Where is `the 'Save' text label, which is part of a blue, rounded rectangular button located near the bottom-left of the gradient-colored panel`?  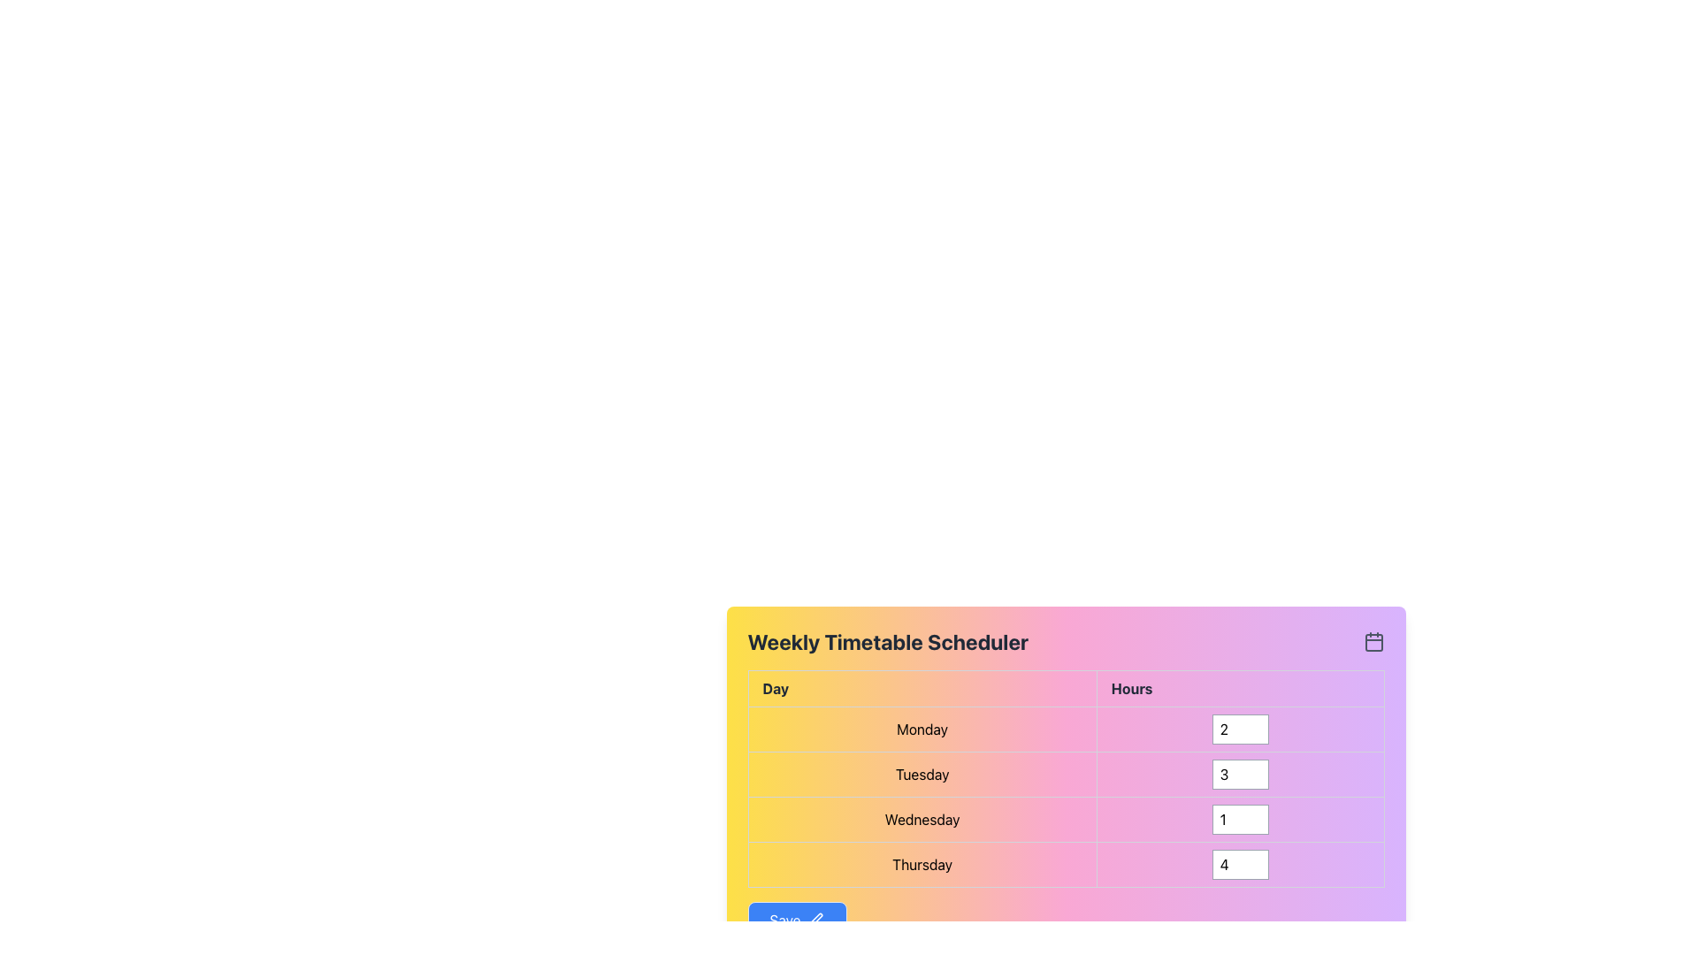 the 'Save' text label, which is part of a blue, rounded rectangular button located near the bottom-left of the gradient-colored panel is located at coordinates (784, 920).